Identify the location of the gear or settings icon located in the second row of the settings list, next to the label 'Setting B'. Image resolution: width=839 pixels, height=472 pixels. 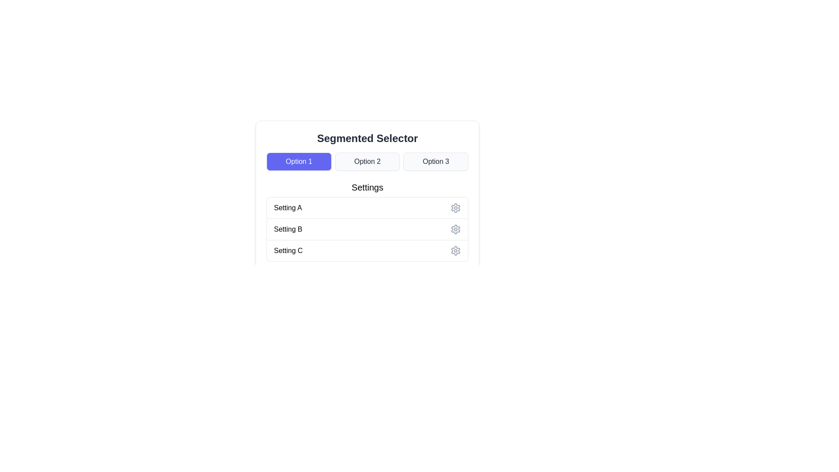
(455, 229).